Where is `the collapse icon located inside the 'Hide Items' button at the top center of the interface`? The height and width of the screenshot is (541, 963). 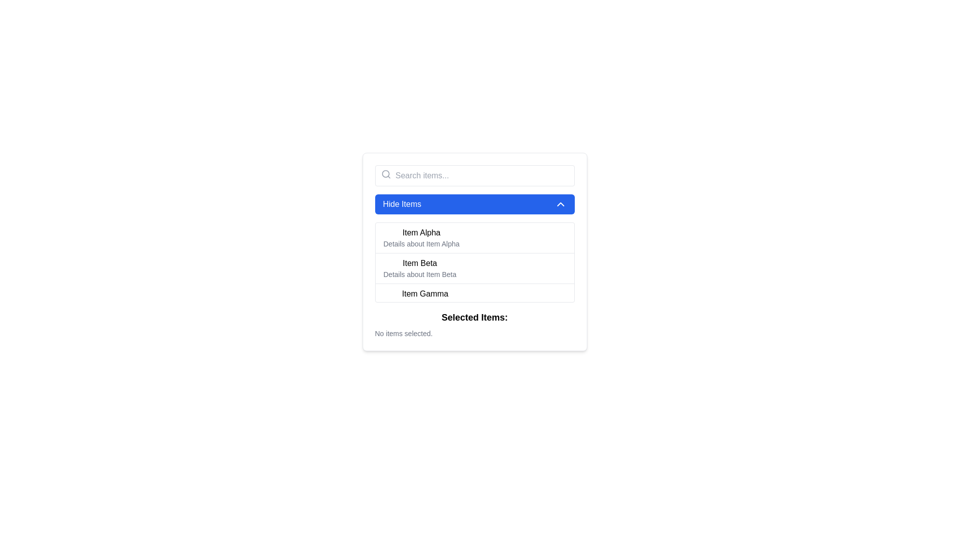 the collapse icon located inside the 'Hide Items' button at the top center of the interface is located at coordinates (560, 204).